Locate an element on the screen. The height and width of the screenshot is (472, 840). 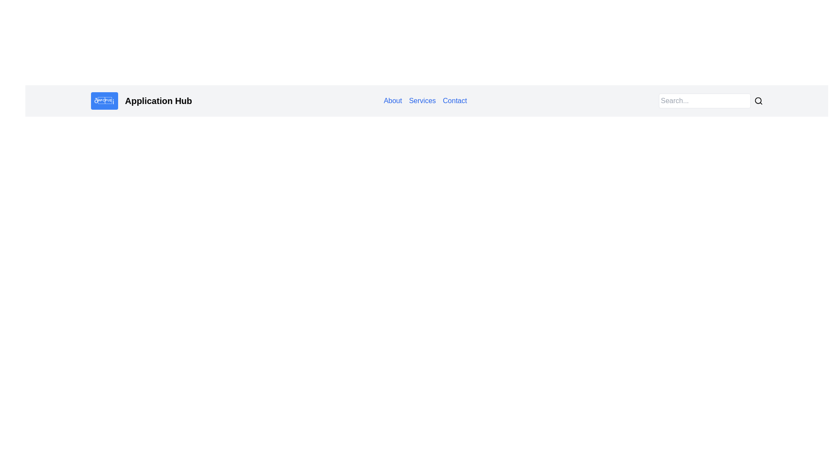
the navigation menu links located near the center of the navigation bar is located at coordinates (425, 101).